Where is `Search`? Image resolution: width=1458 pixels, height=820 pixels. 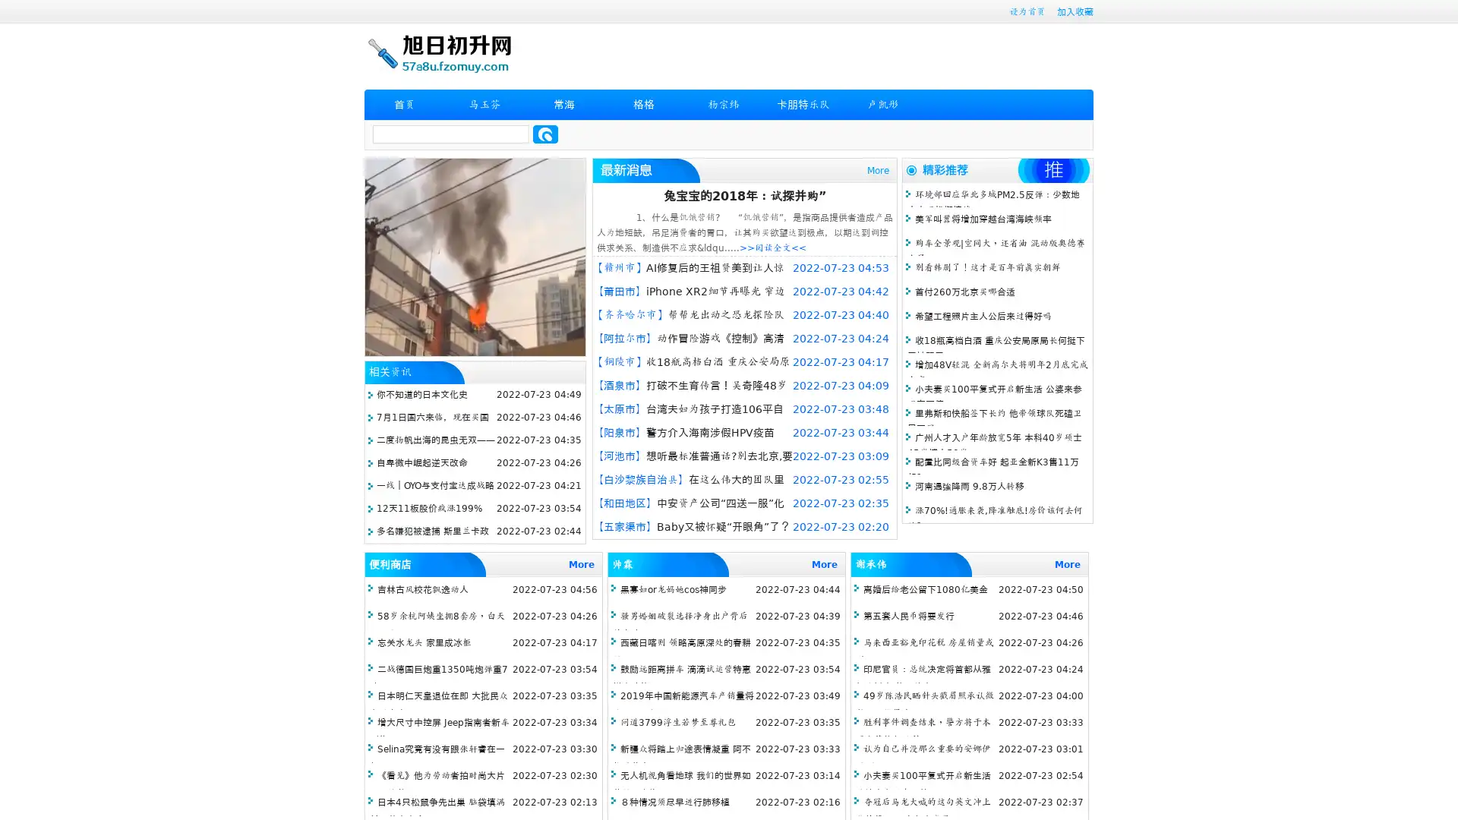
Search is located at coordinates (545, 134).